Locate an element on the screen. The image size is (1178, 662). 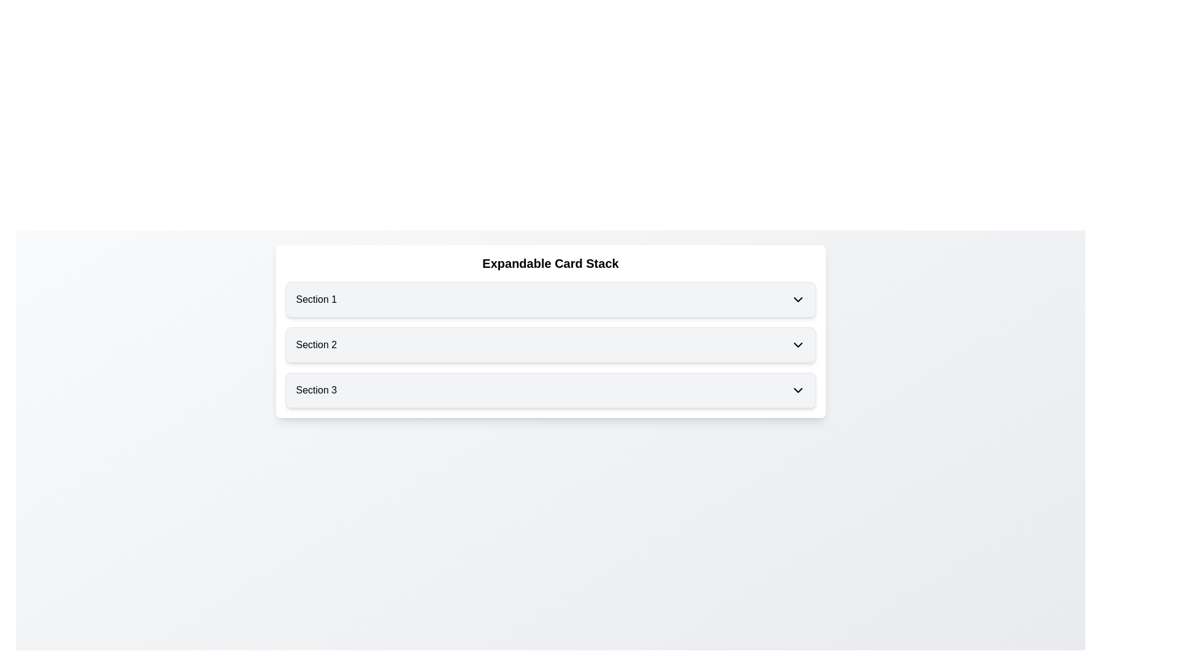
the chevron-down icon positioned to the far right of the 'Section 2' button is located at coordinates (798, 345).